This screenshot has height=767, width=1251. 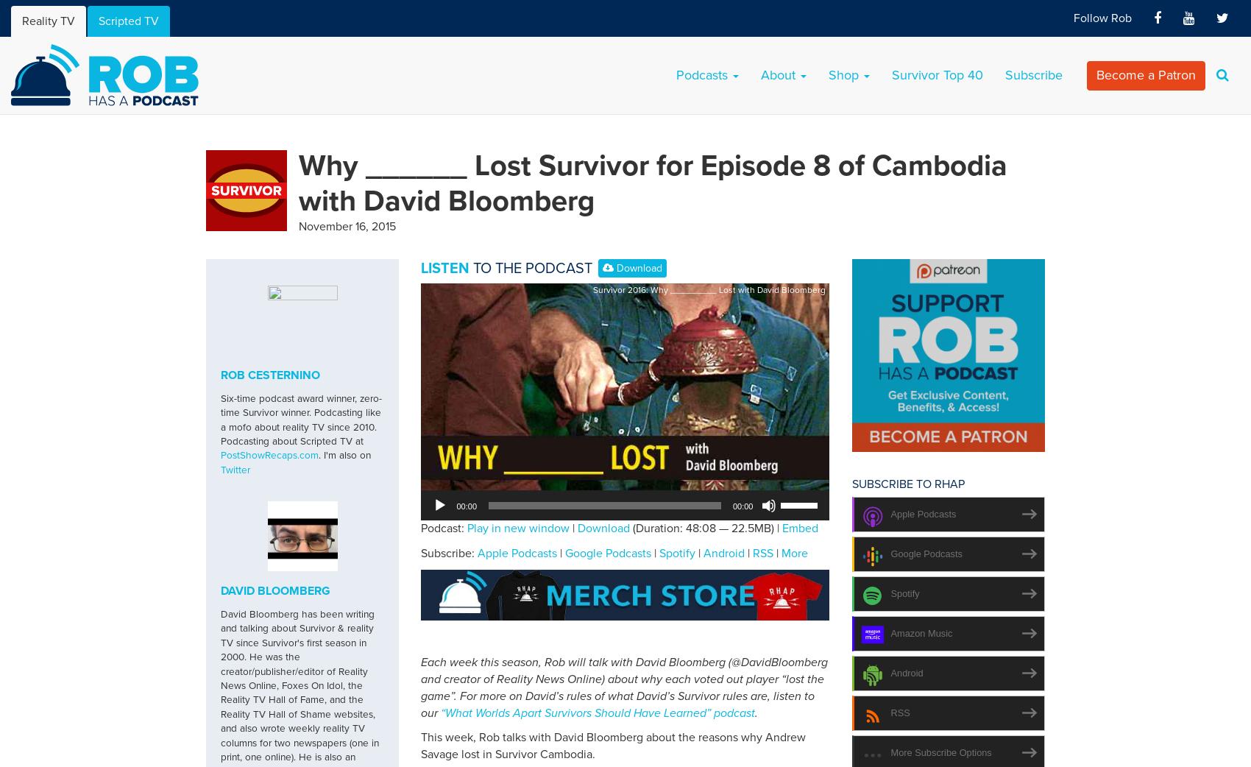 What do you see at coordinates (921, 632) in the screenshot?
I see `'Amazon Music'` at bounding box center [921, 632].